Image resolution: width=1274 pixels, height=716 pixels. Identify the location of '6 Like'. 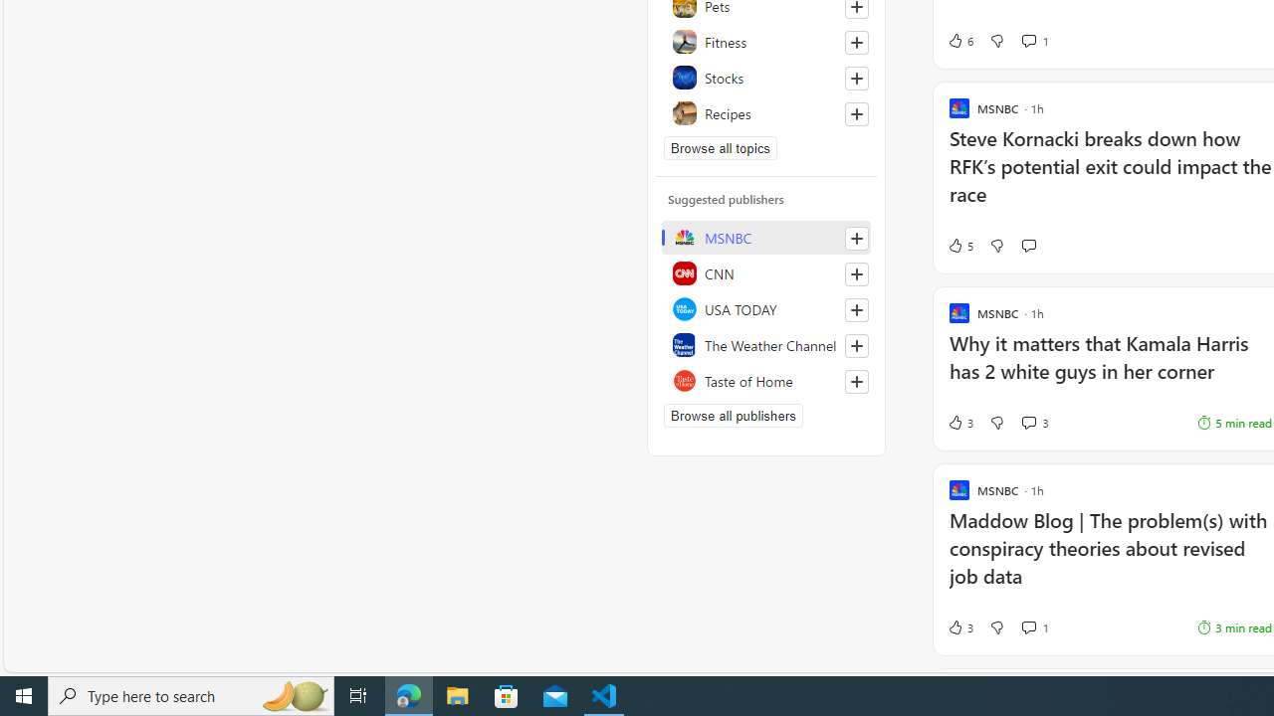
(959, 41).